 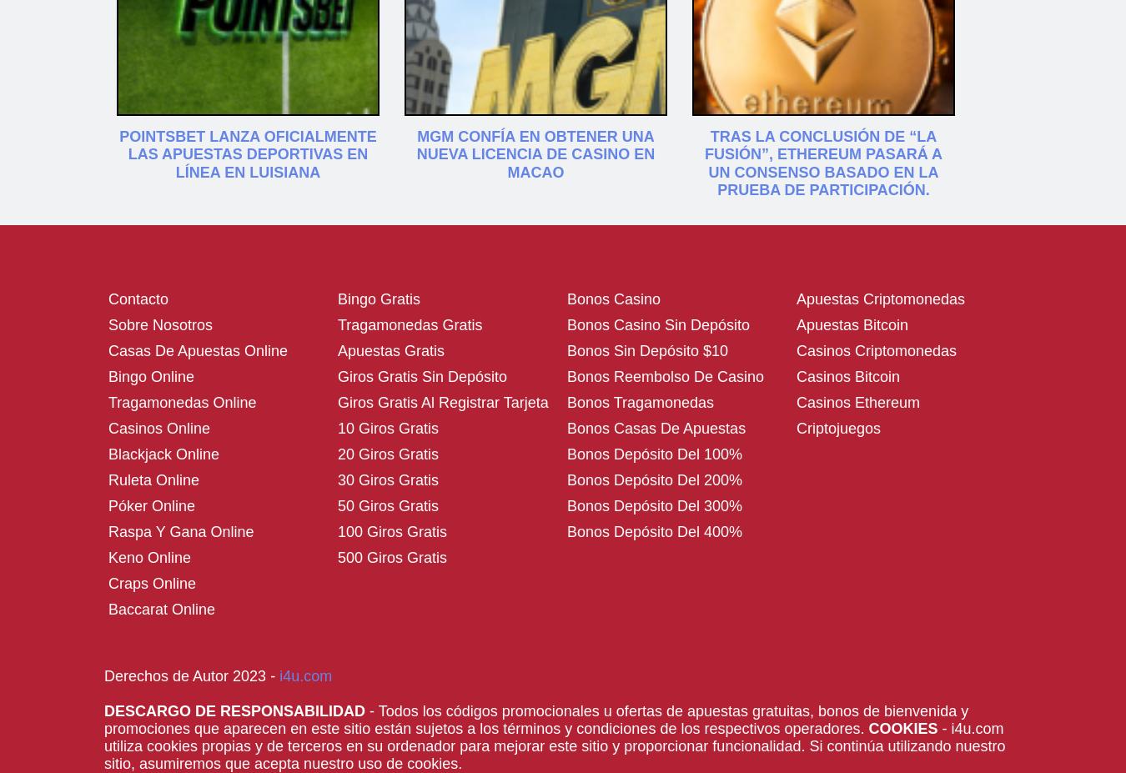 I want to click on 'Casinos Bitcoin', so click(x=847, y=374).